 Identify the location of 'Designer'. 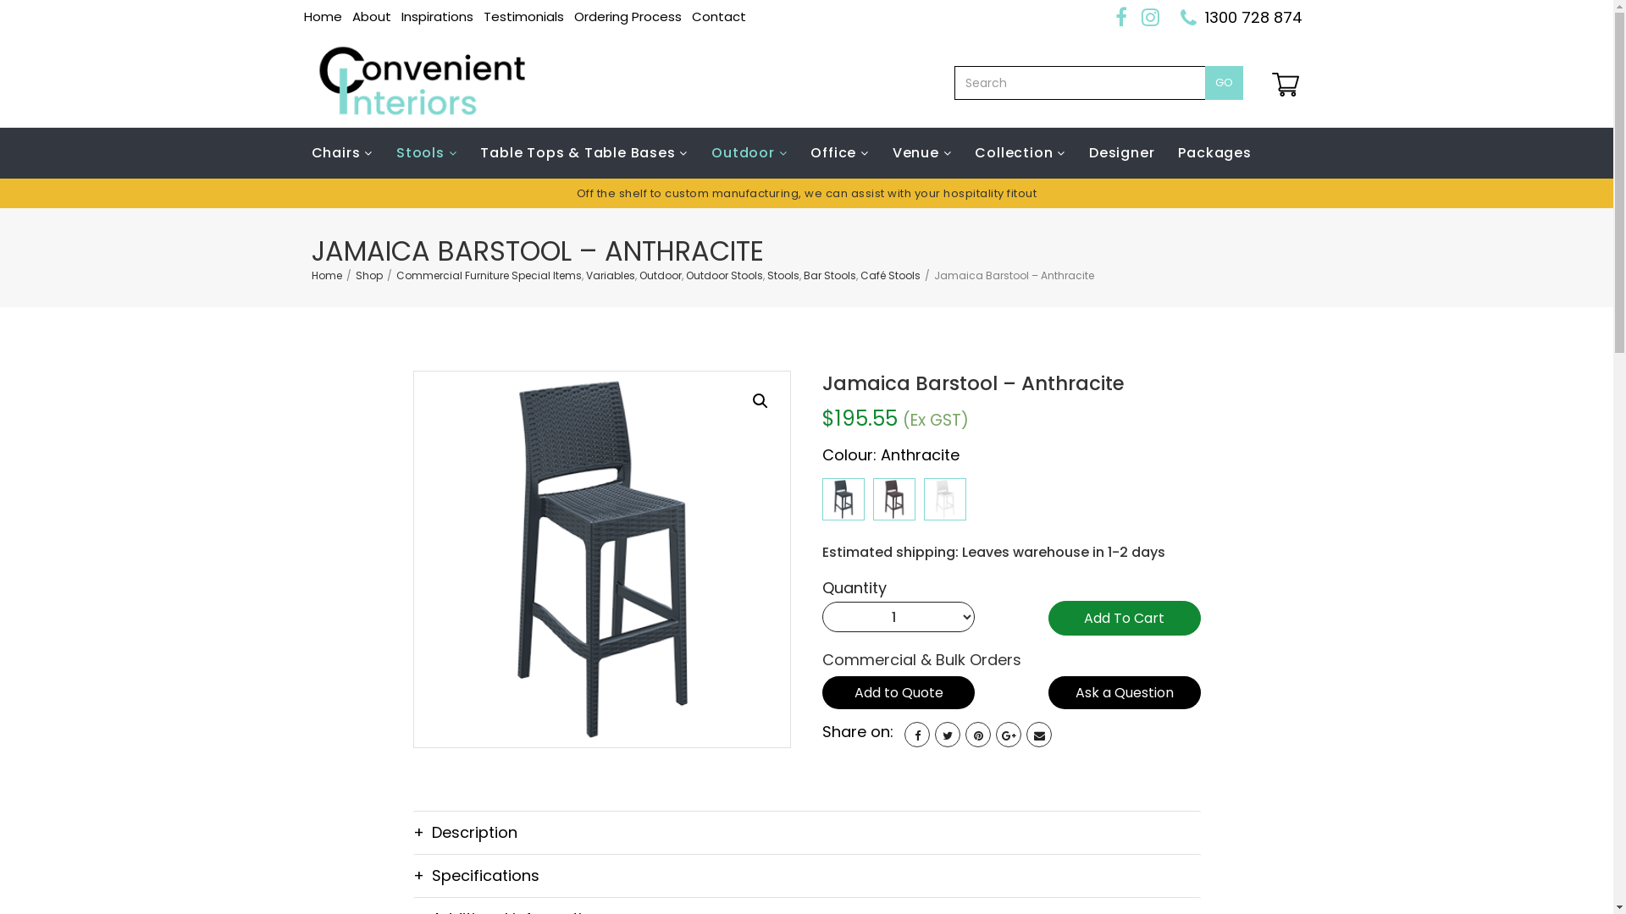
(1121, 153).